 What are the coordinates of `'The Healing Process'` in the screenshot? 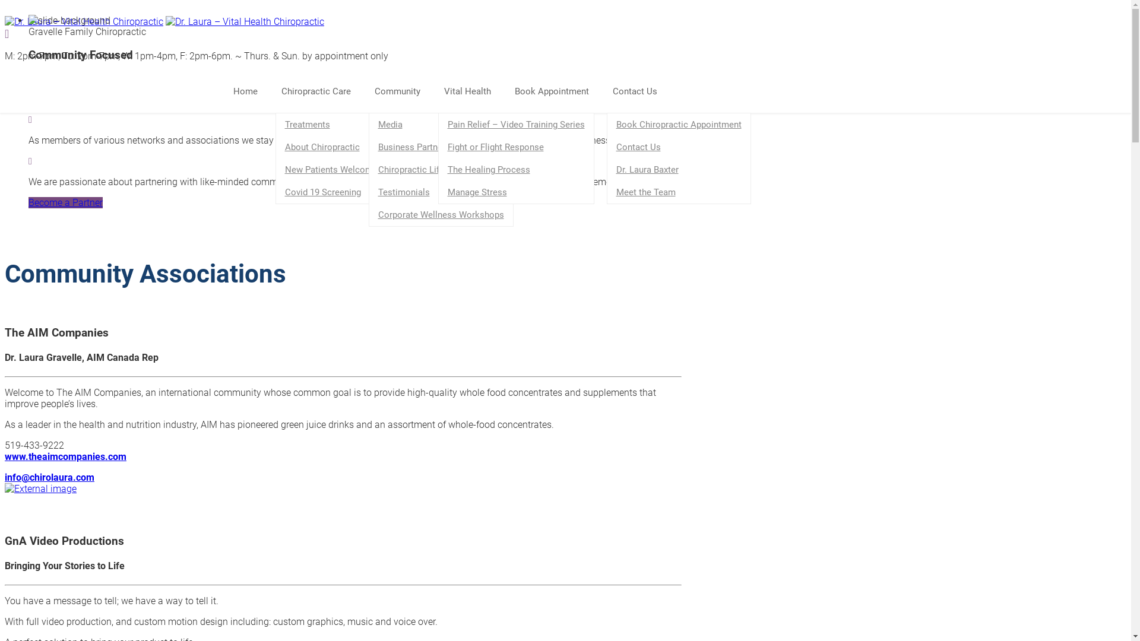 It's located at (515, 169).